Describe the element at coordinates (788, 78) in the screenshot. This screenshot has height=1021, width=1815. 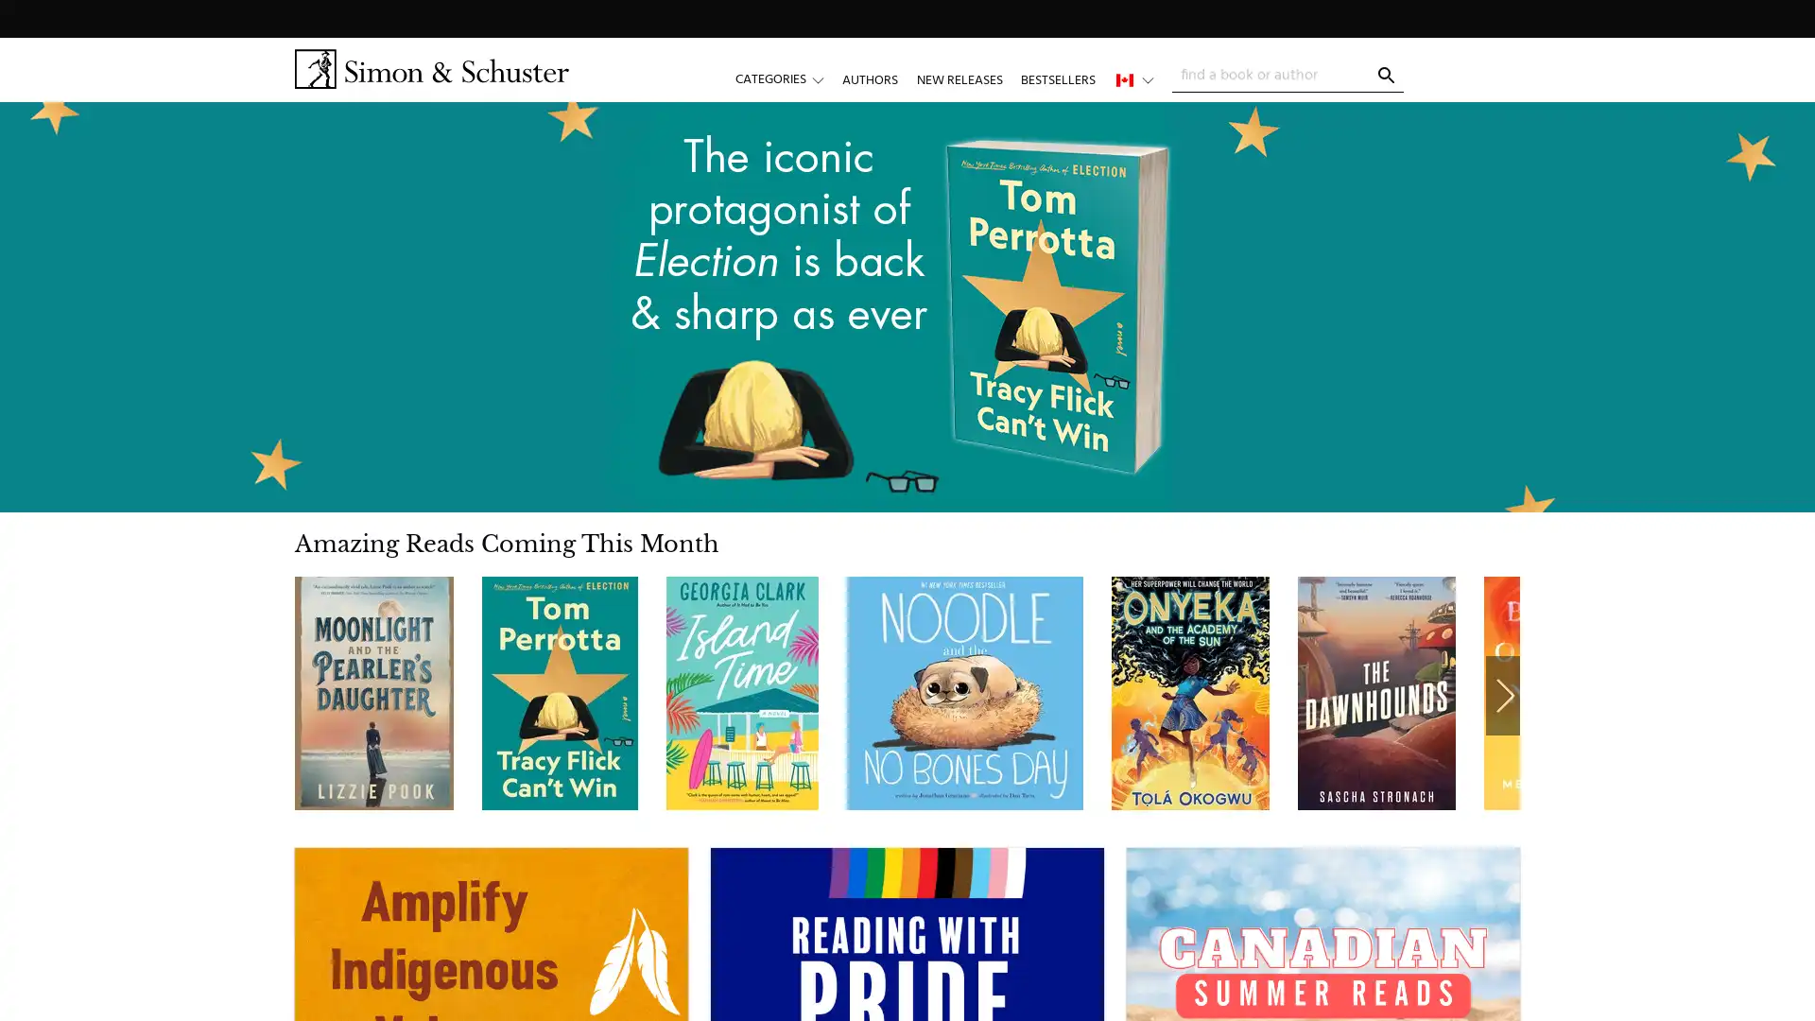
I see `CATEGORIES` at that location.